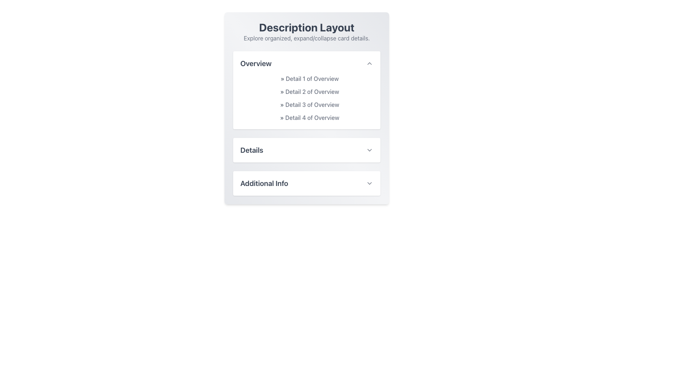 The width and height of the screenshot is (693, 390). What do you see at coordinates (369, 183) in the screenshot?
I see `the Chevron toggle button located at the far right of the 'Additional Info' section header to observe its hover effect` at bounding box center [369, 183].